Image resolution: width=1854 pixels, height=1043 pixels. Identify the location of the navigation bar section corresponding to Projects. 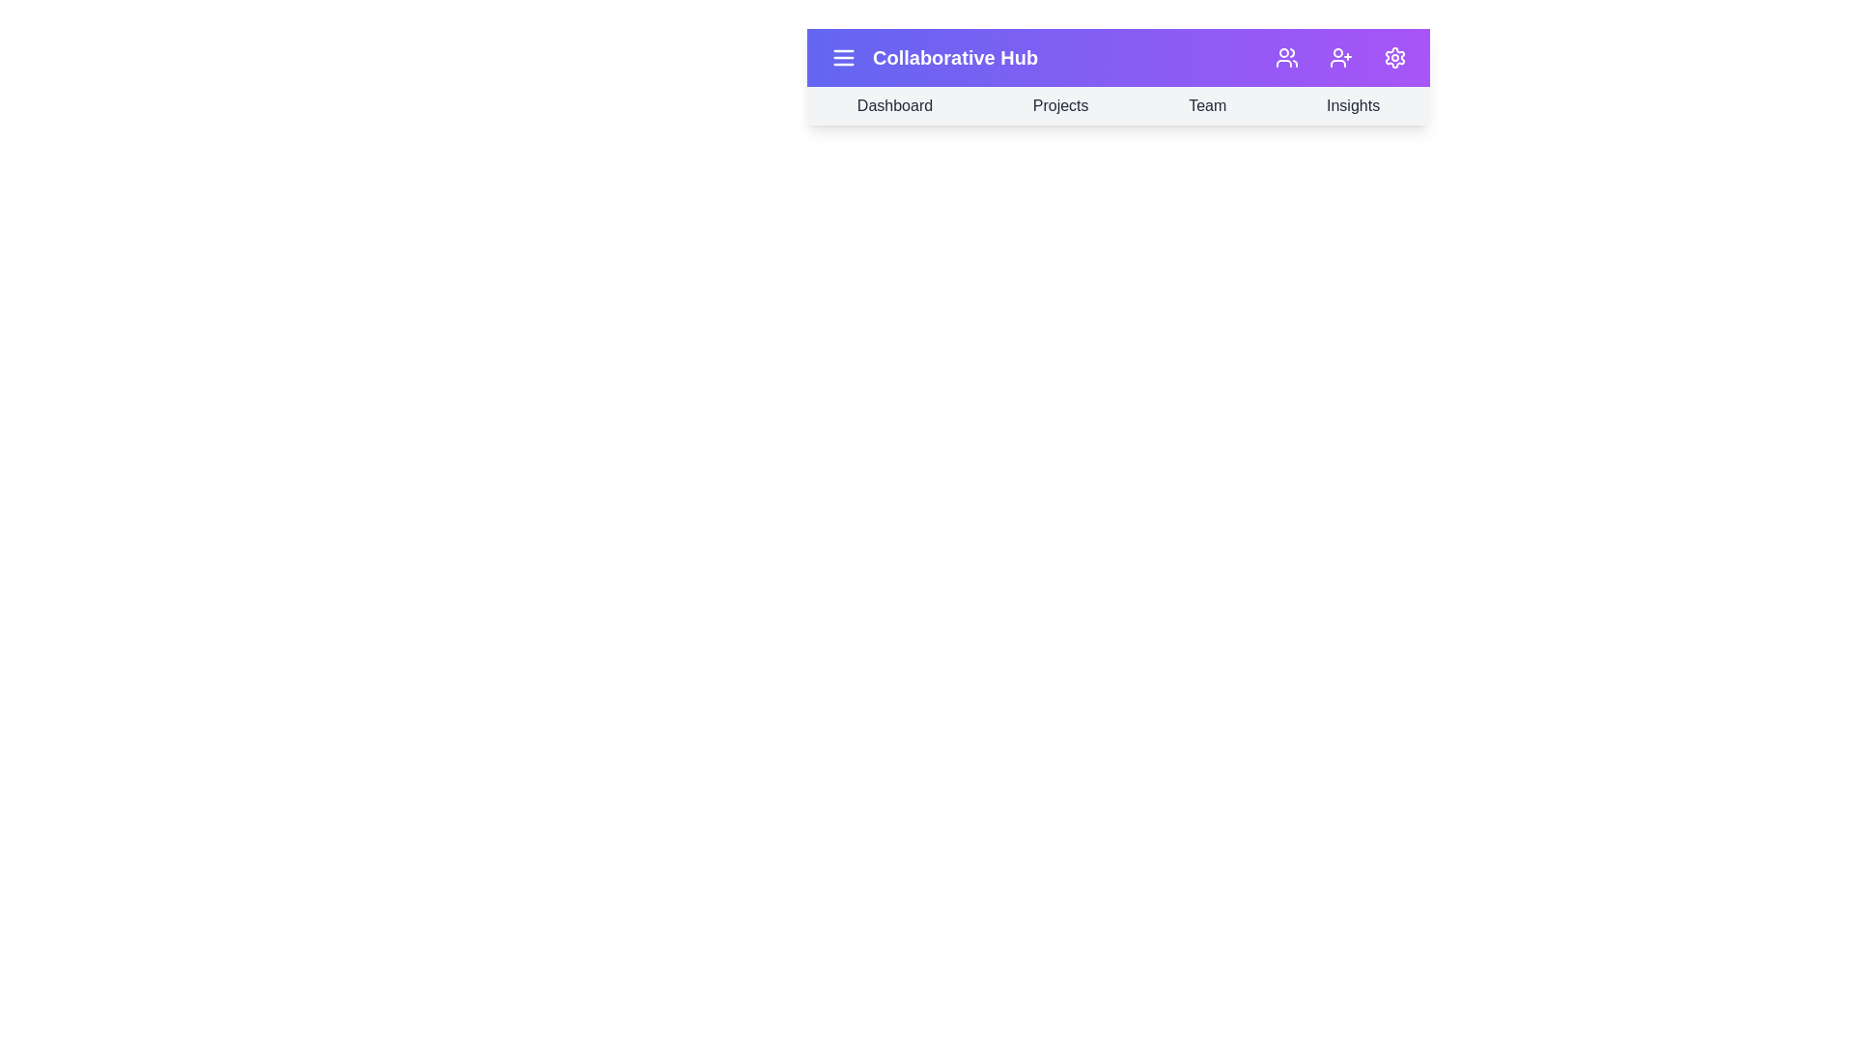
(1059, 106).